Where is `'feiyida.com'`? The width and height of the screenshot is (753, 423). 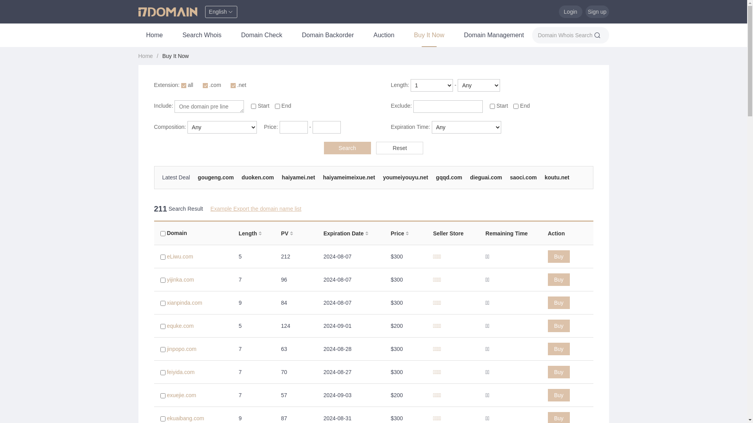 'feiyida.com' is located at coordinates (180, 371).